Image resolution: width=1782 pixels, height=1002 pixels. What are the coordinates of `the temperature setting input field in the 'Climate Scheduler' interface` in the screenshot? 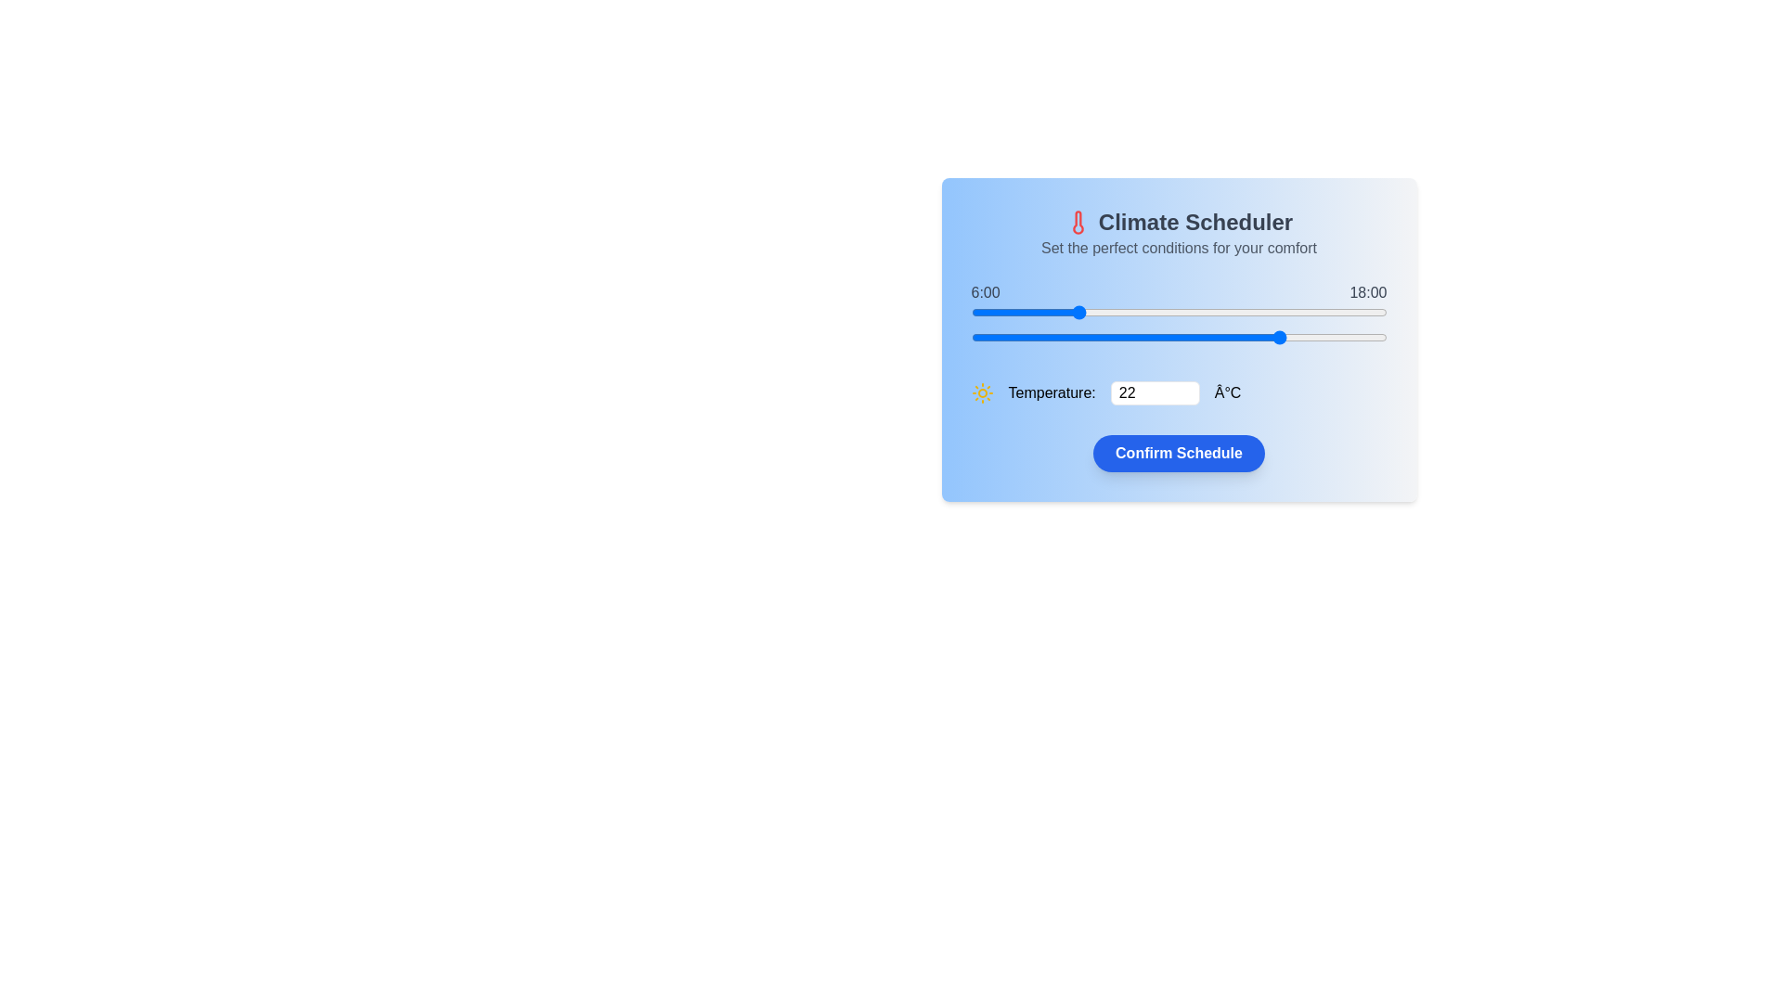 It's located at (1178, 392).